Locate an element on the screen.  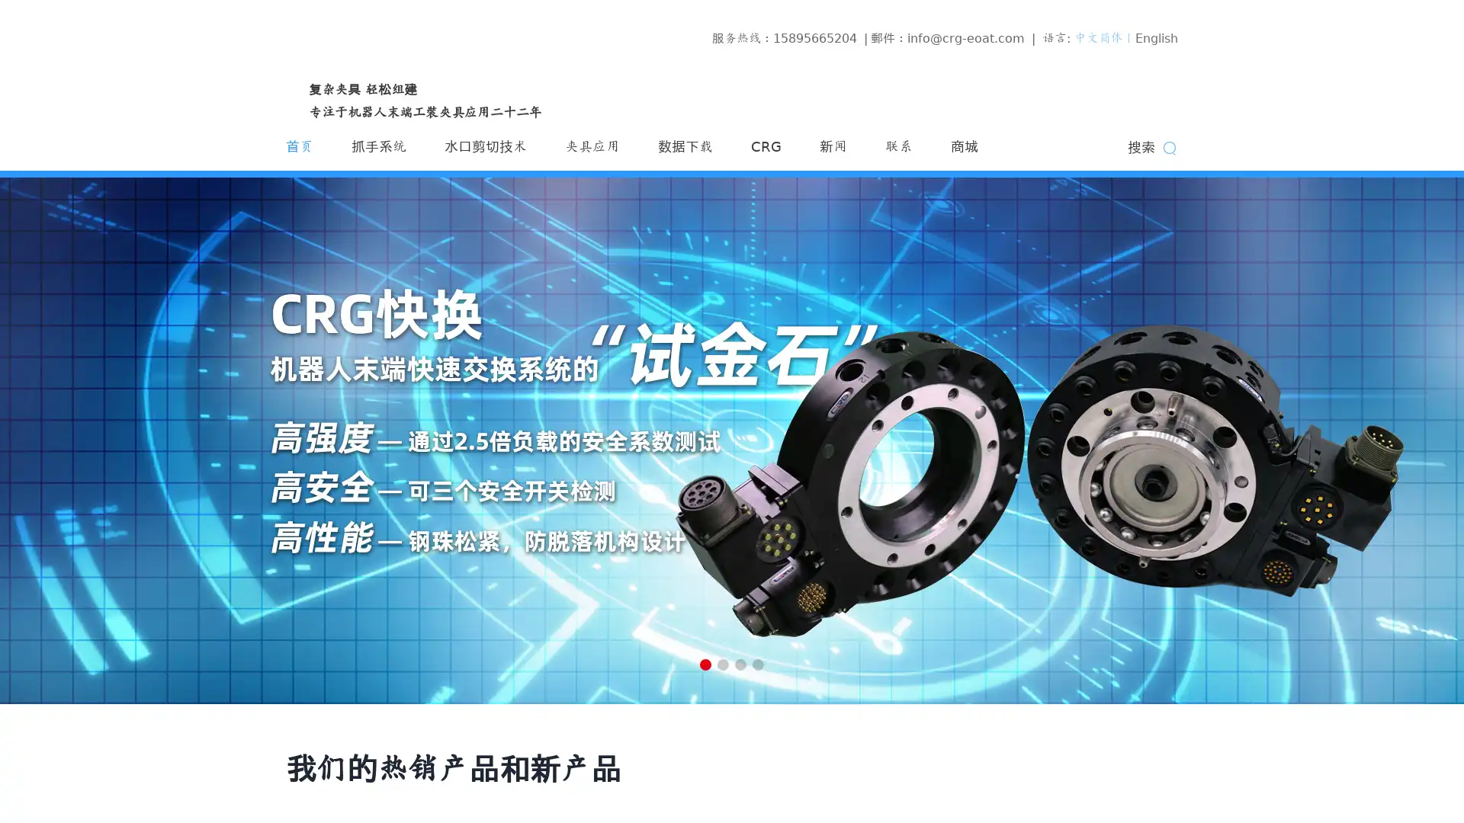
Go to slide 2 is located at coordinates (722, 664).